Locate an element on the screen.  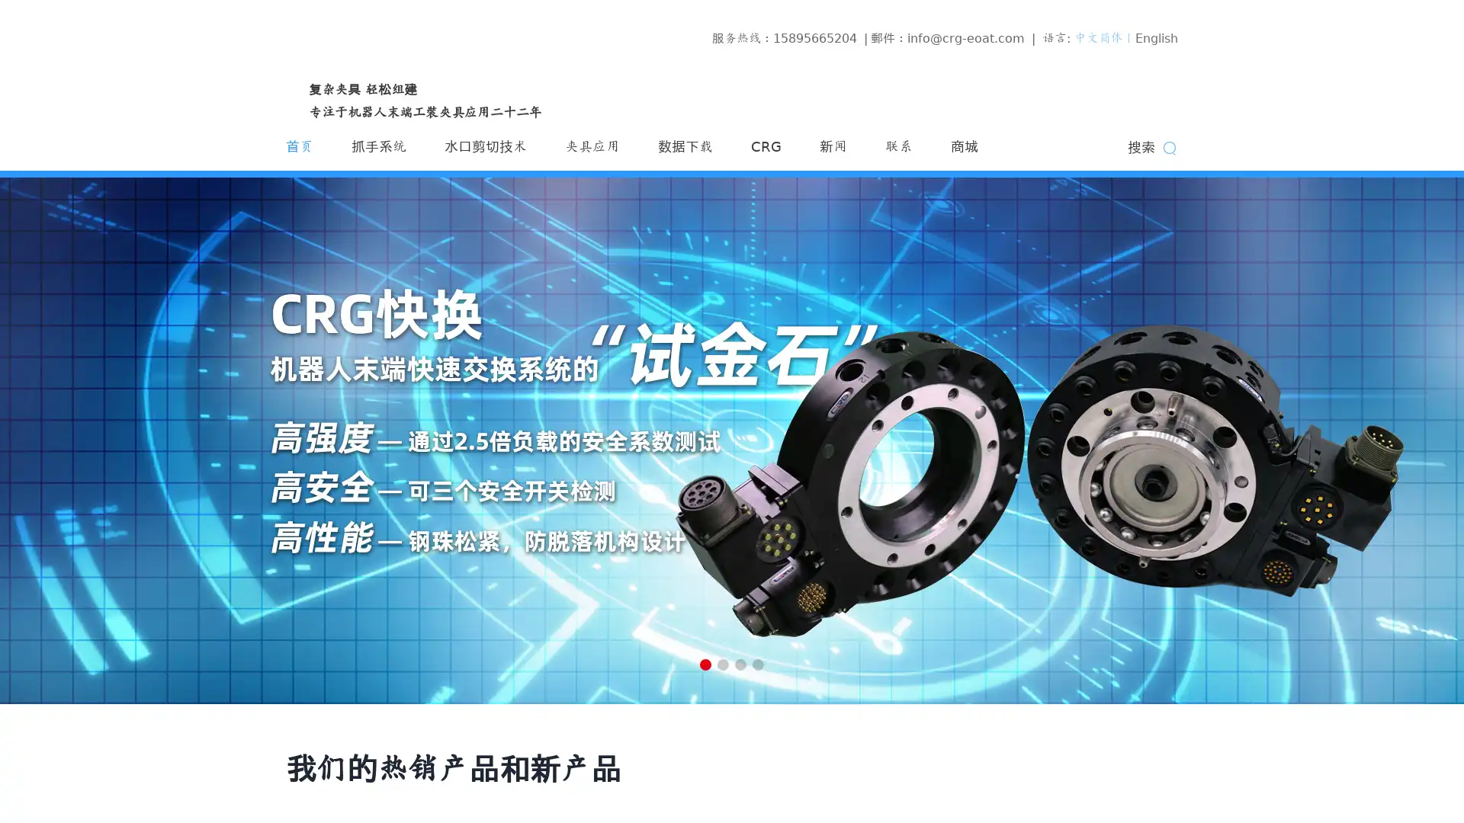
Go to slide 2 is located at coordinates (722, 664).